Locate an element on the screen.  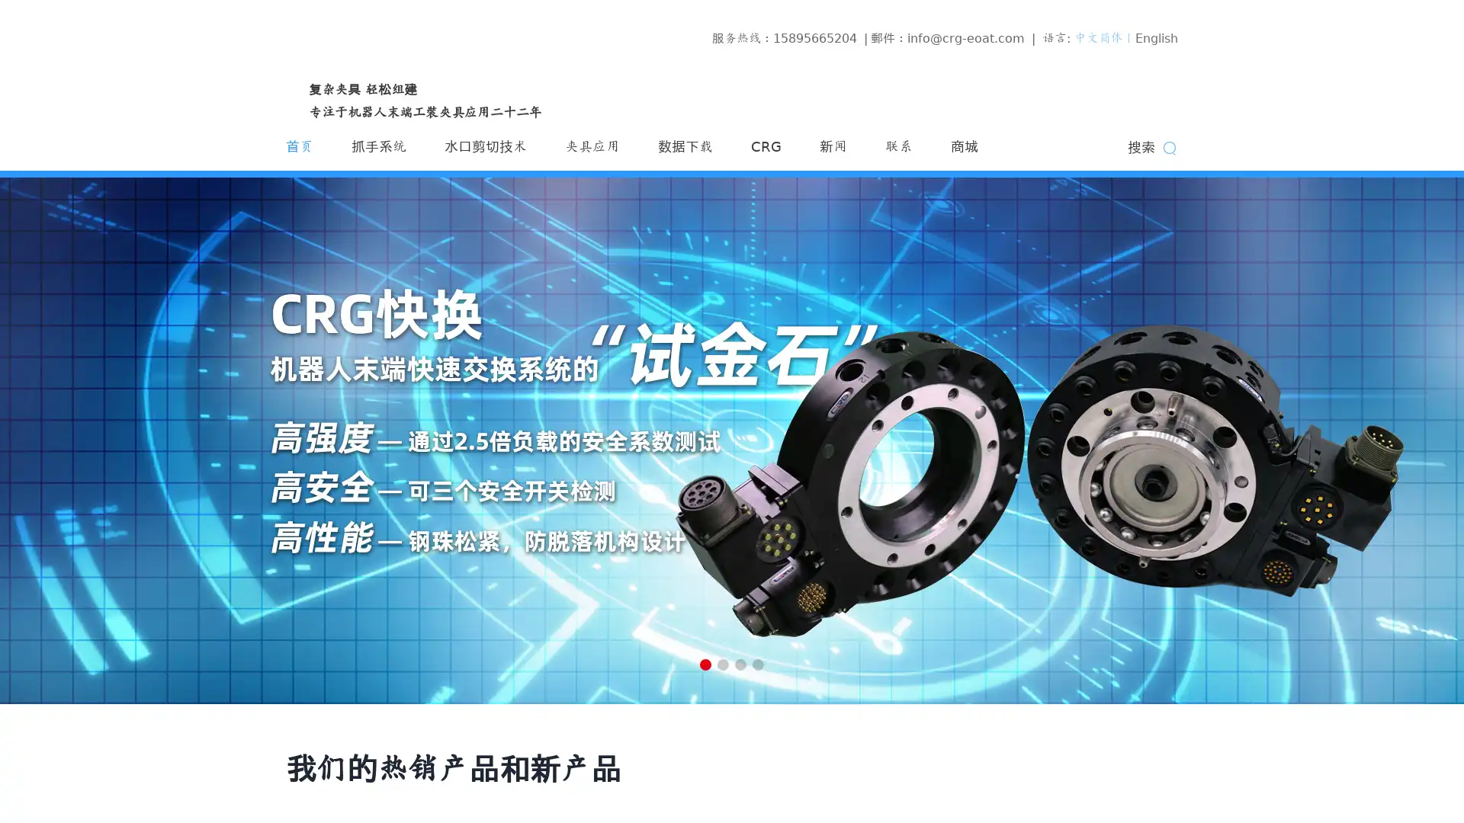
Go to slide 2 is located at coordinates (722, 664).